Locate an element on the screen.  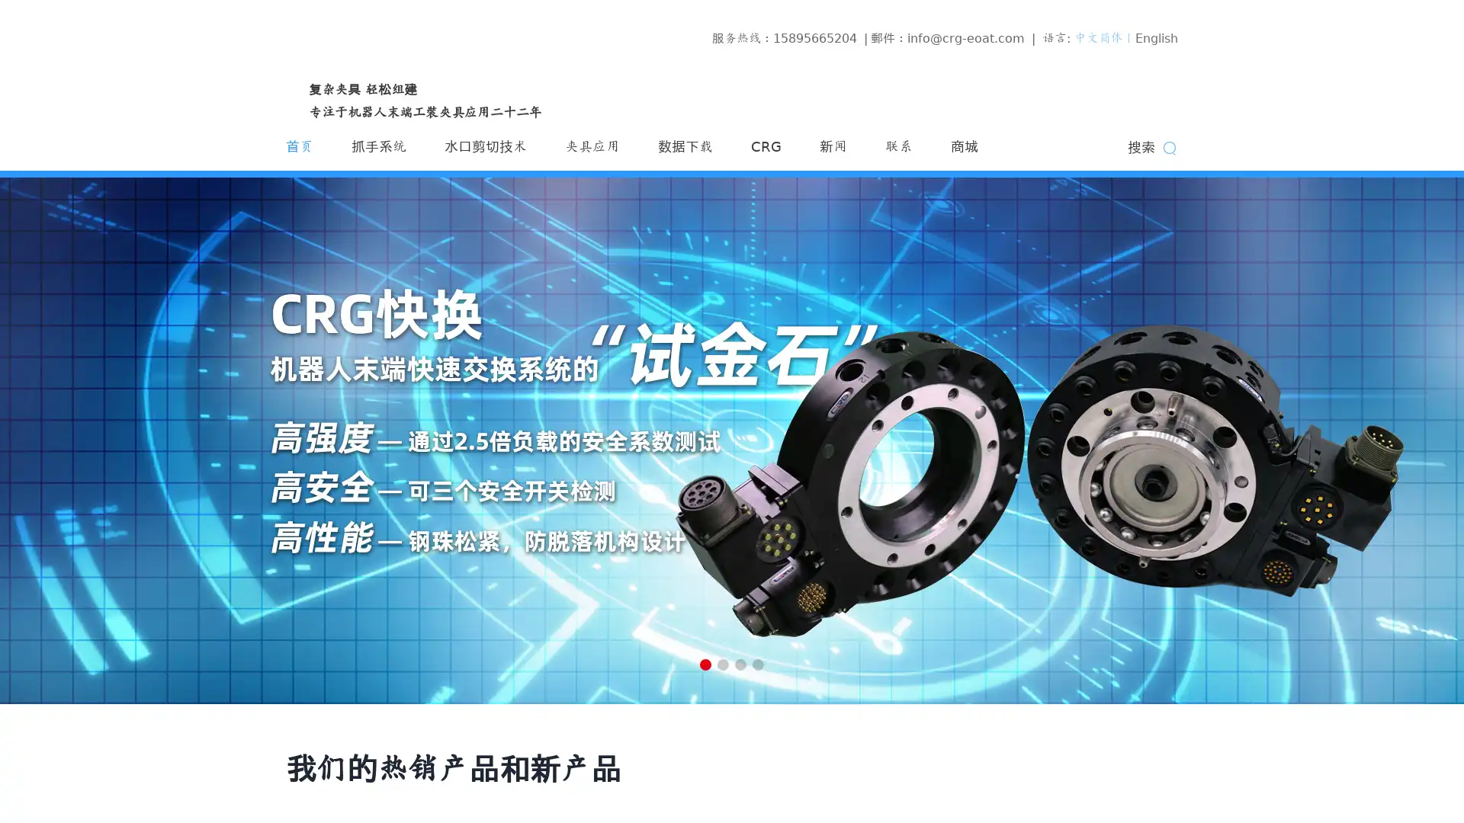
Go to slide 2 is located at coordinates (722, 664).